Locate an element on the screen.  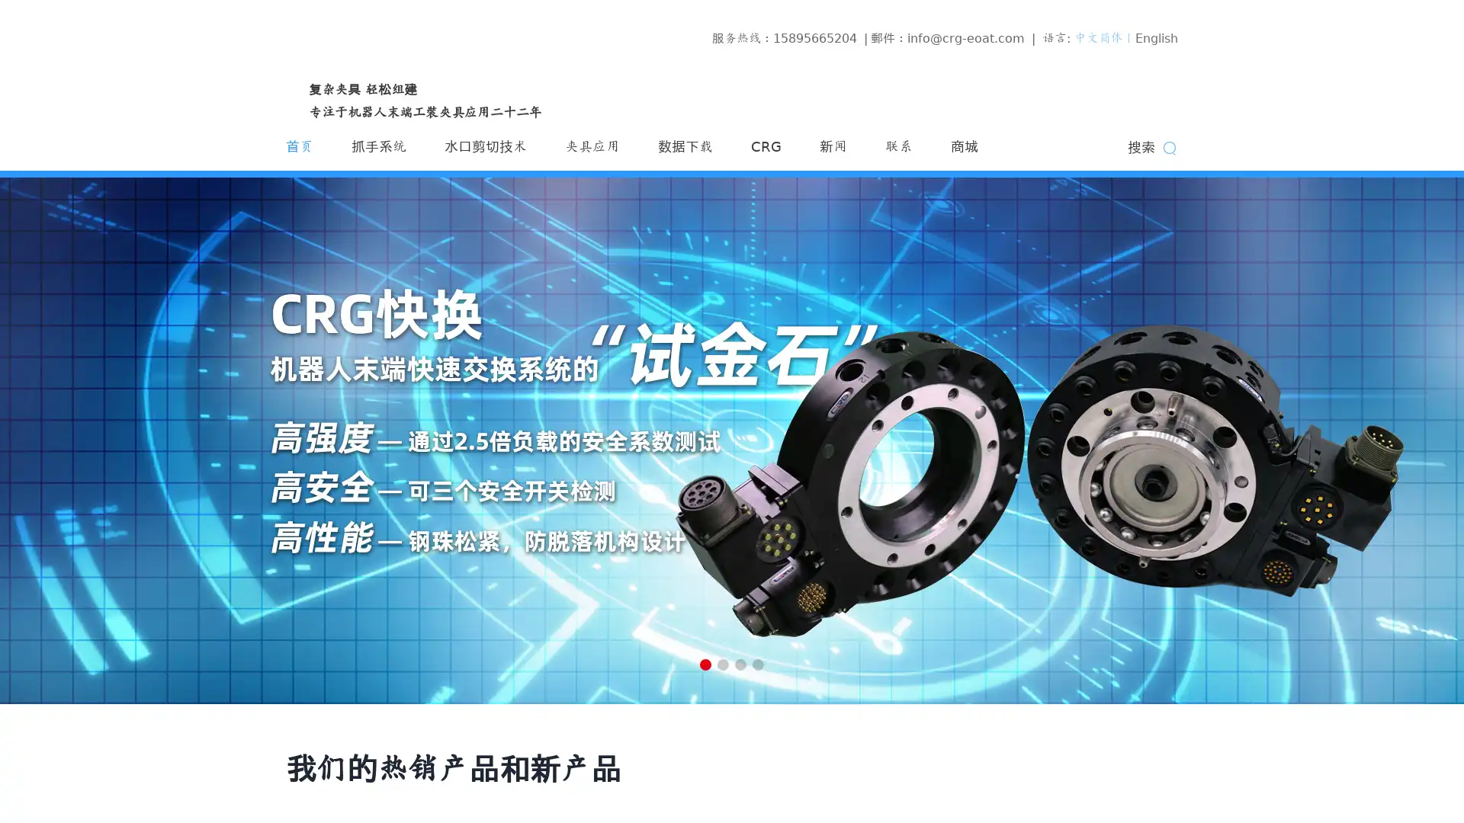
Go to slide 2 is located at coordinates (722, 664).